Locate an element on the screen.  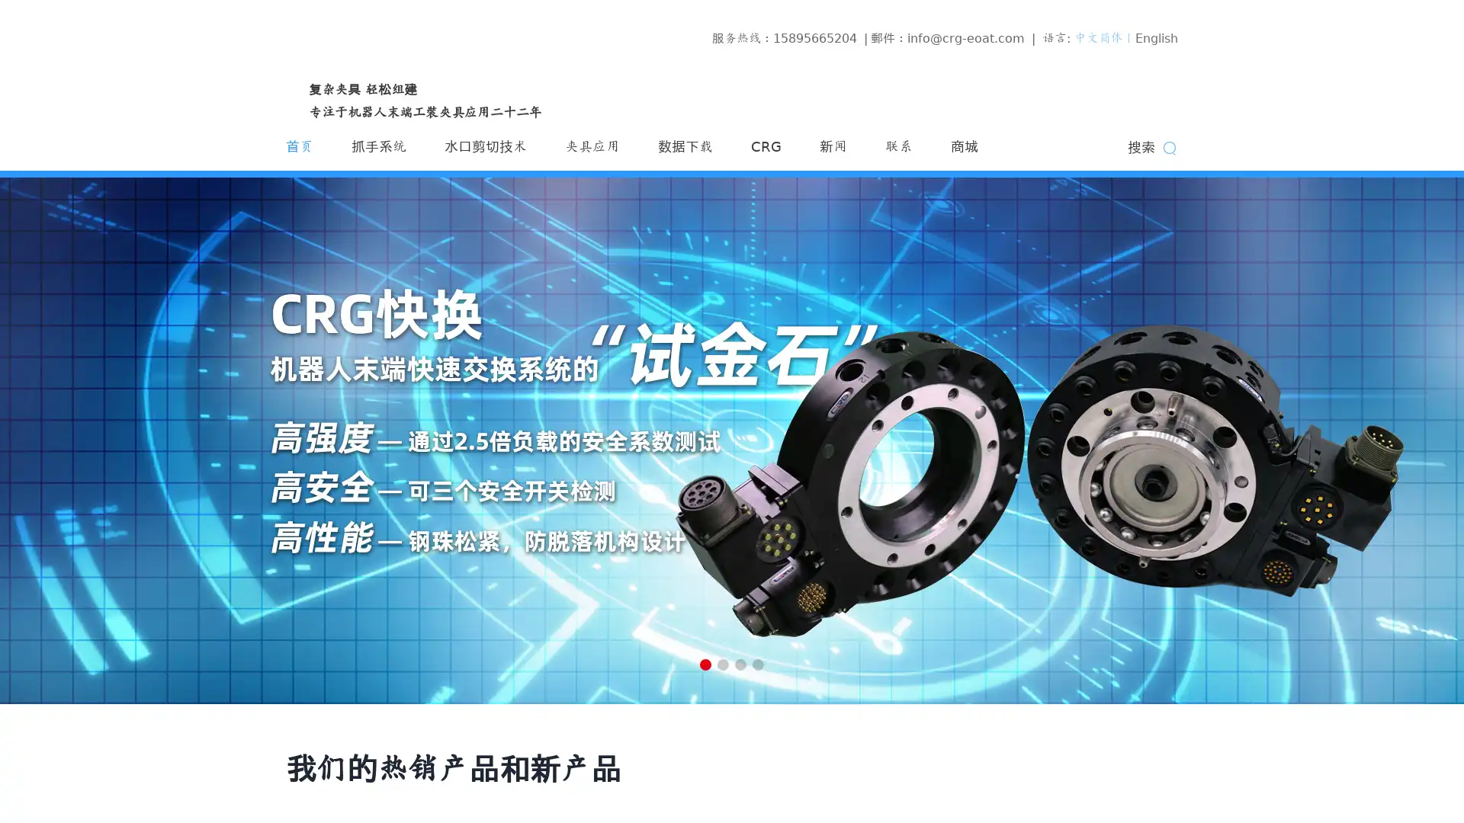
Go to slide 2 is located at coordinates (722, 664).